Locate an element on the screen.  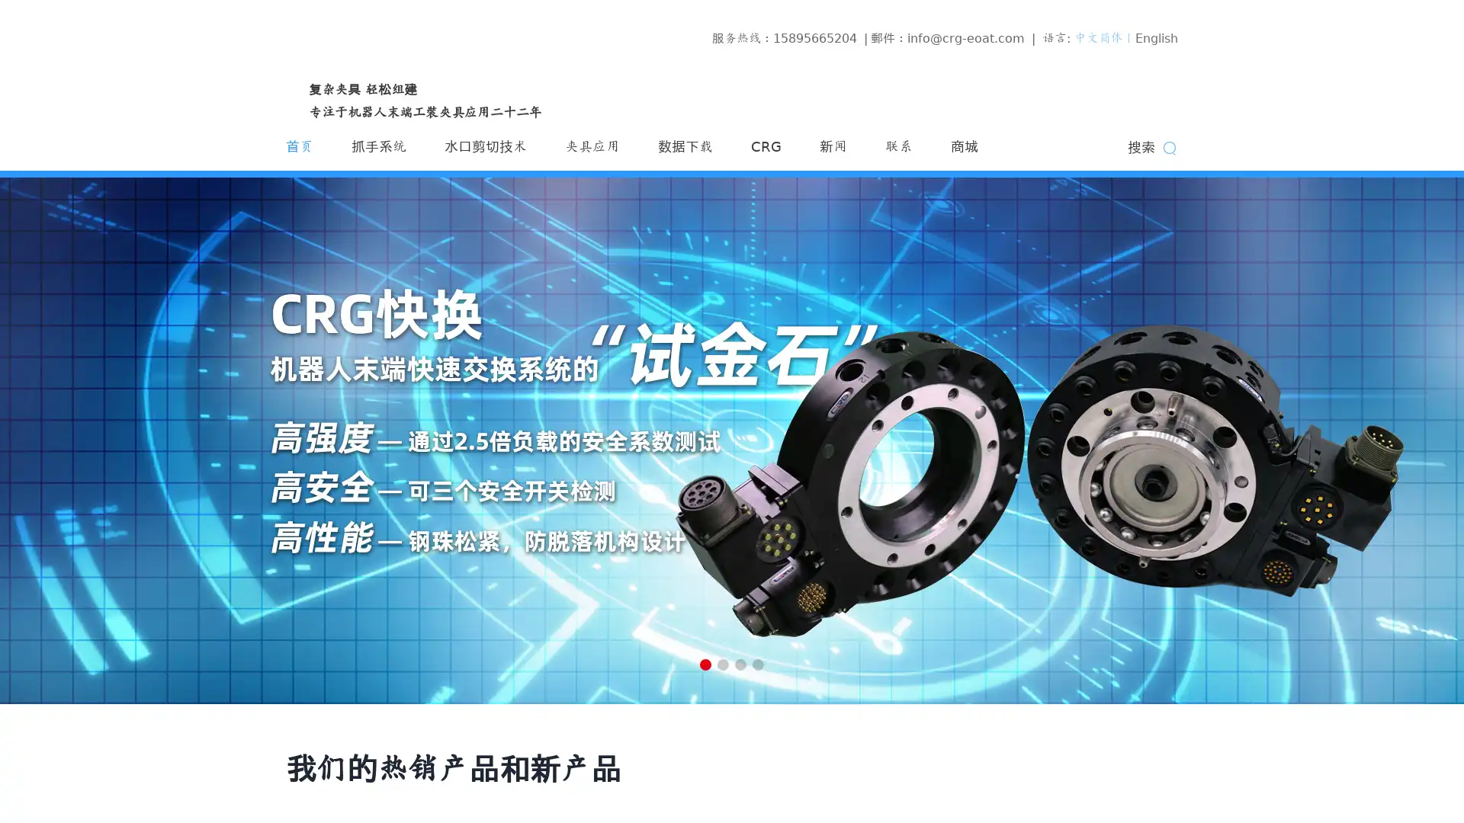
Go to slide 2 is located at coordinates (722, 664).